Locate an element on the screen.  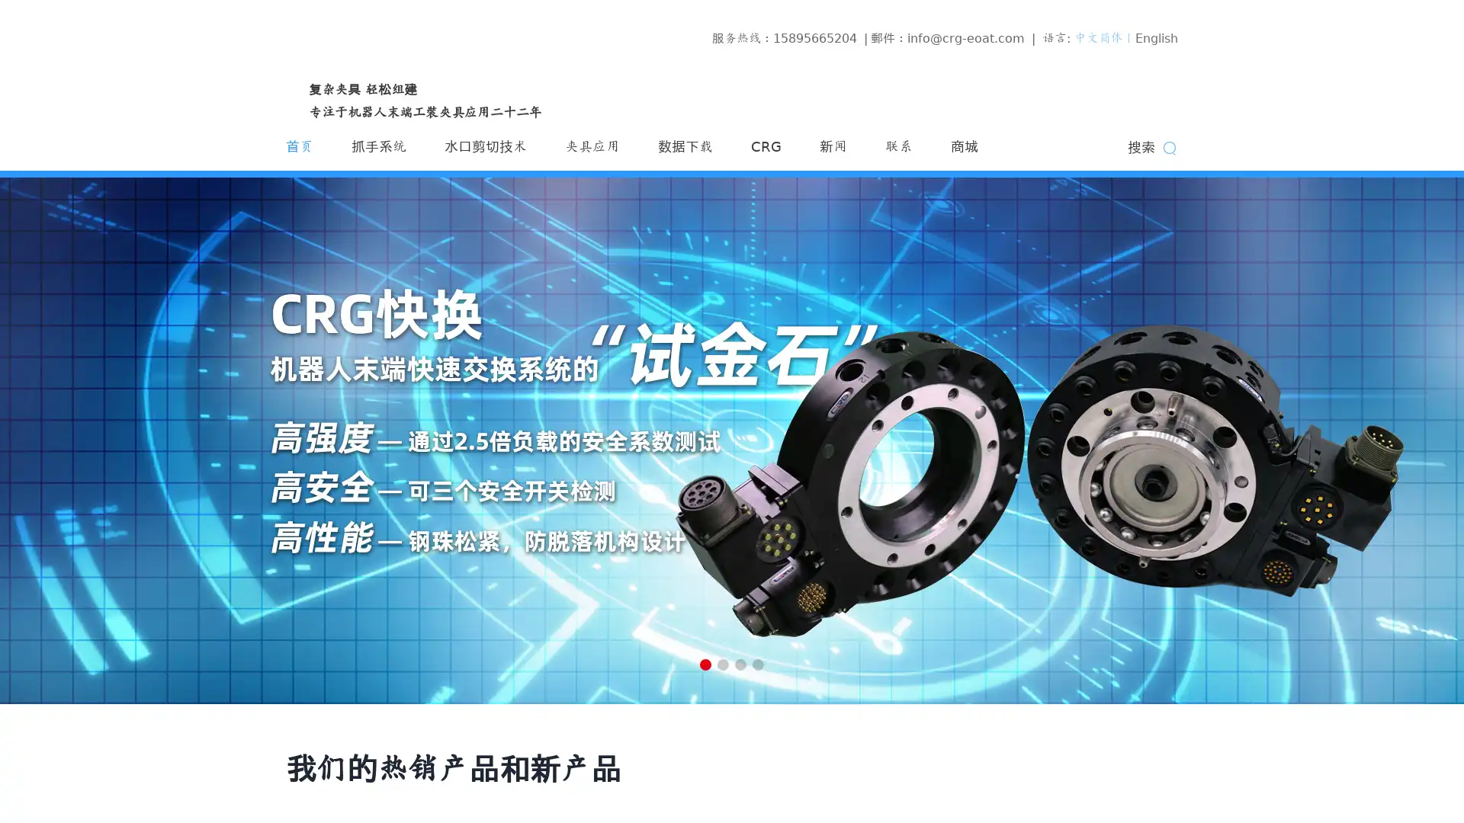
Go to slide 2 is located at coordinates (722, 664).